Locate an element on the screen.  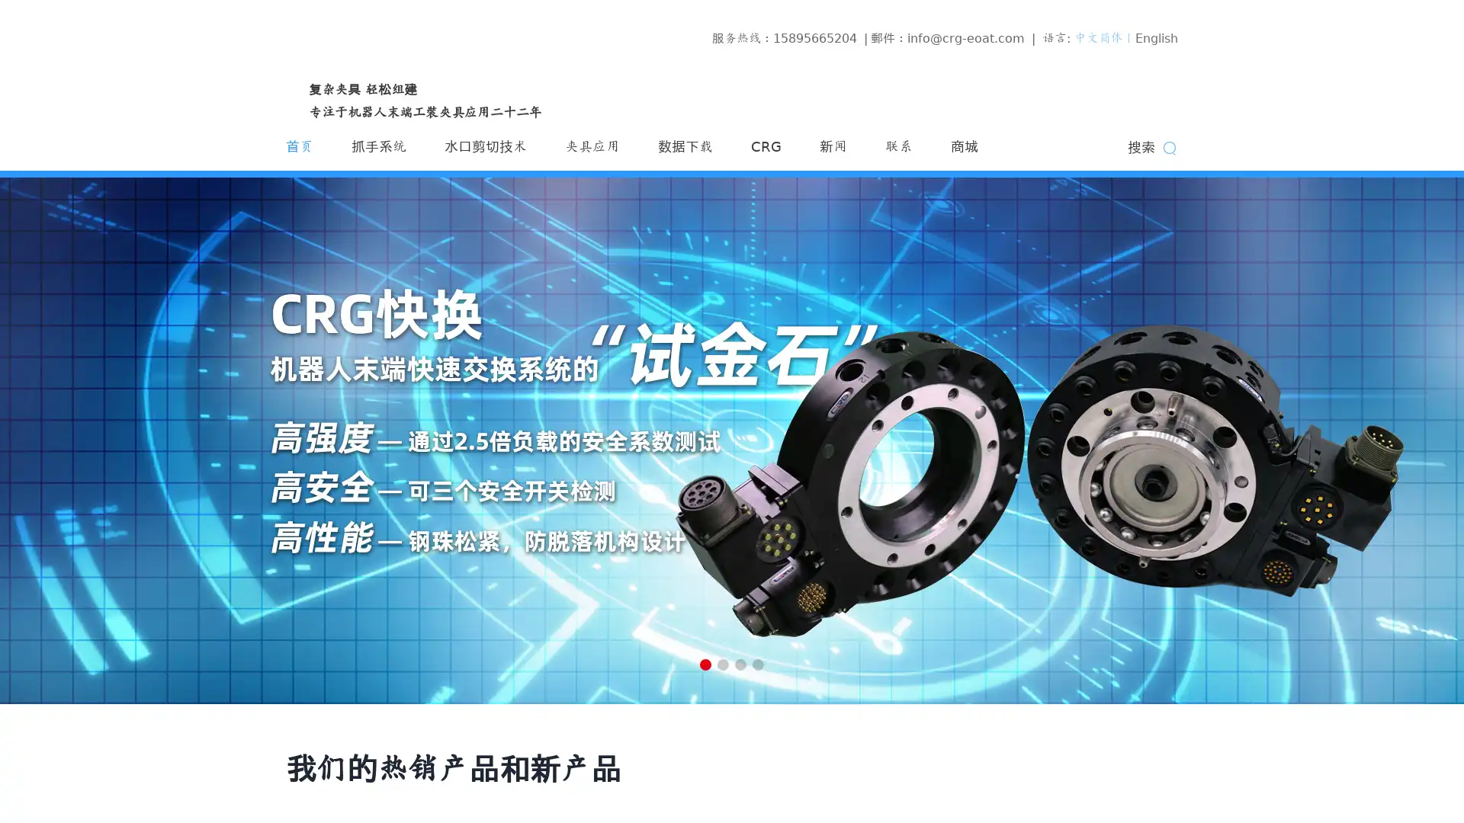
Go to slide 2 is located at coordinates (722, 664).